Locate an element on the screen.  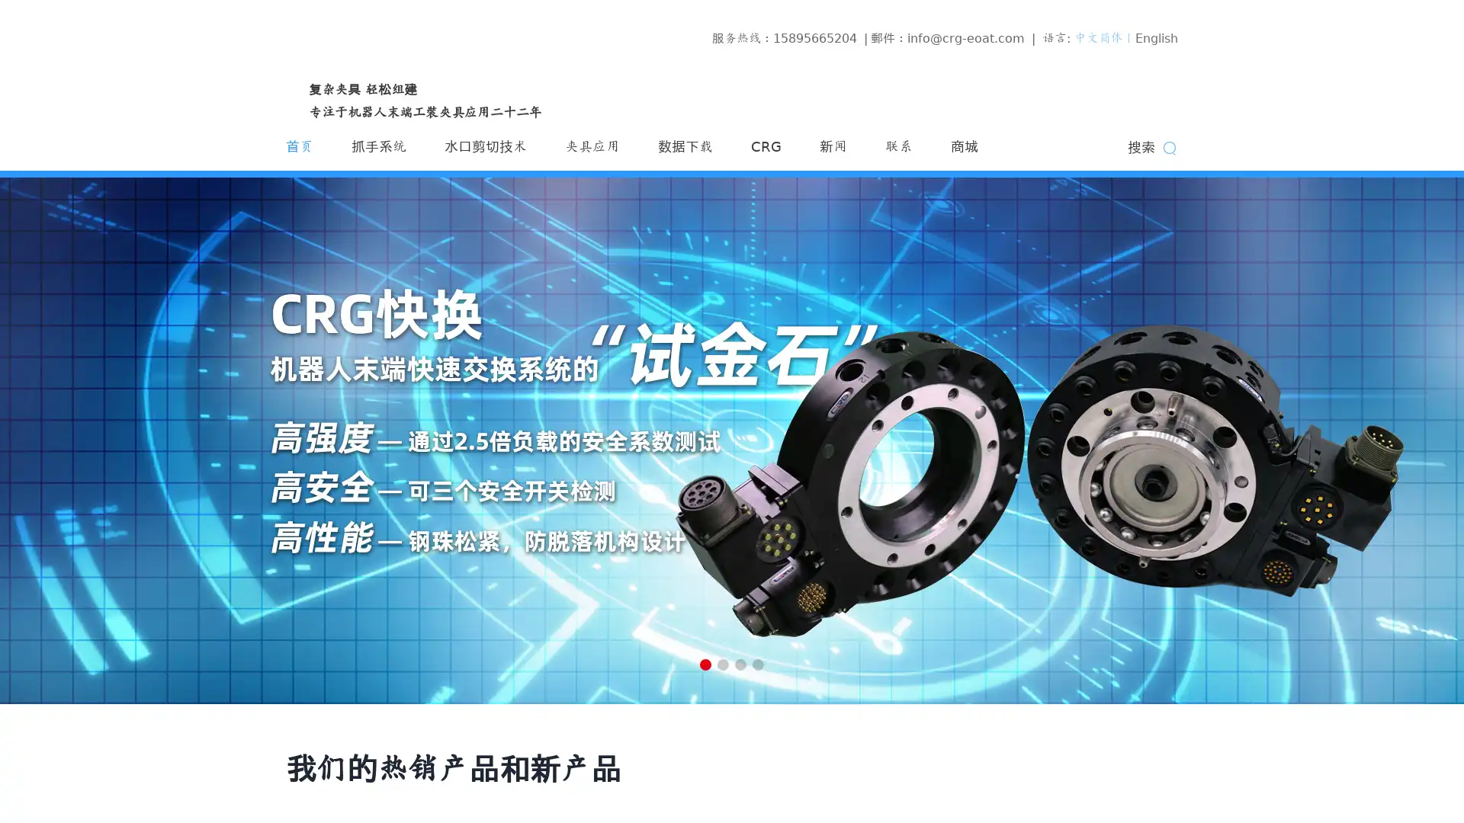
Go to slide 2 is located at coordinates (722, 664).